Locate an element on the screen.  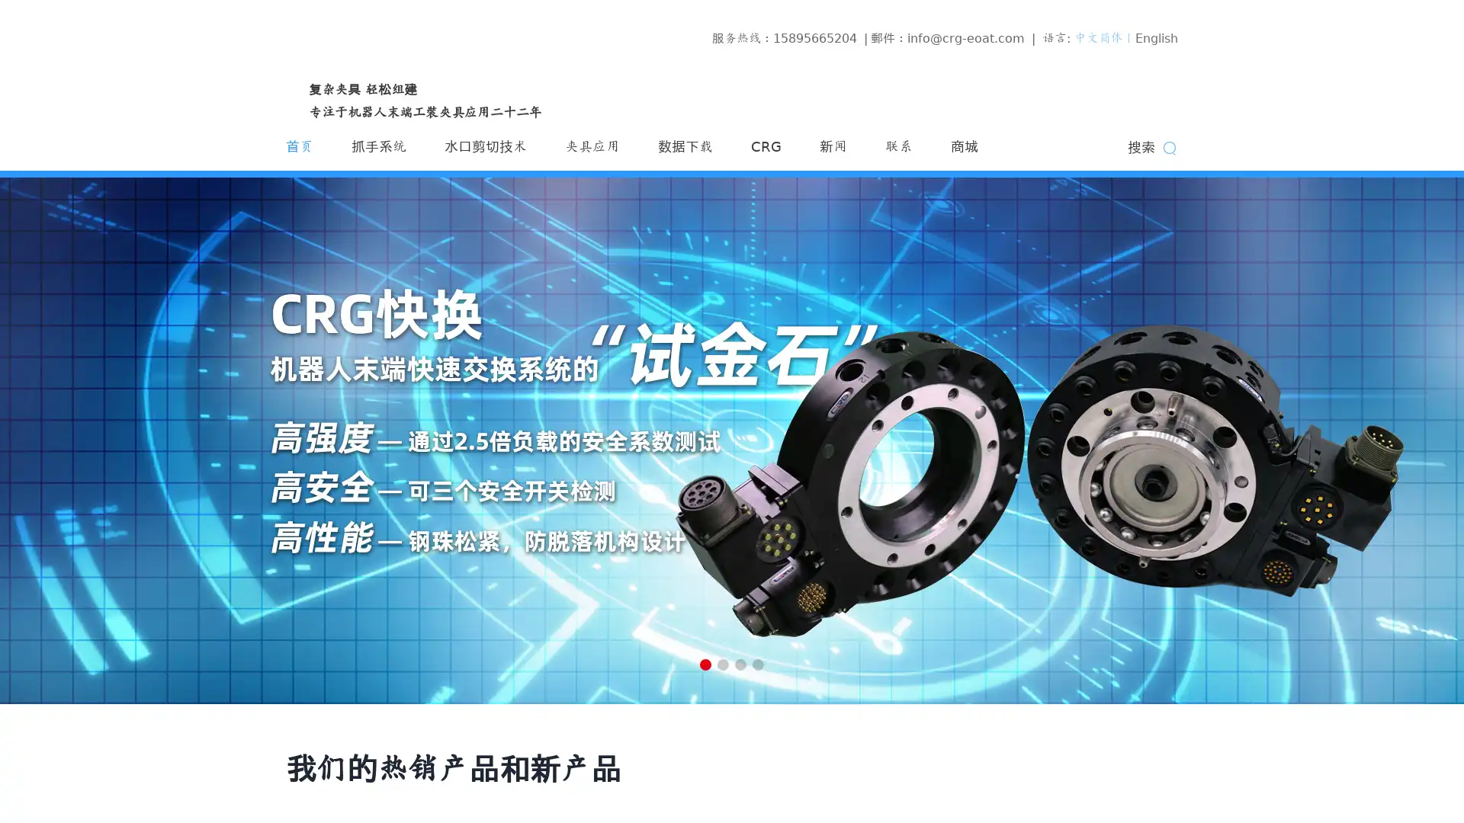
Go to slide 2 is located at coordinates (722, 664).